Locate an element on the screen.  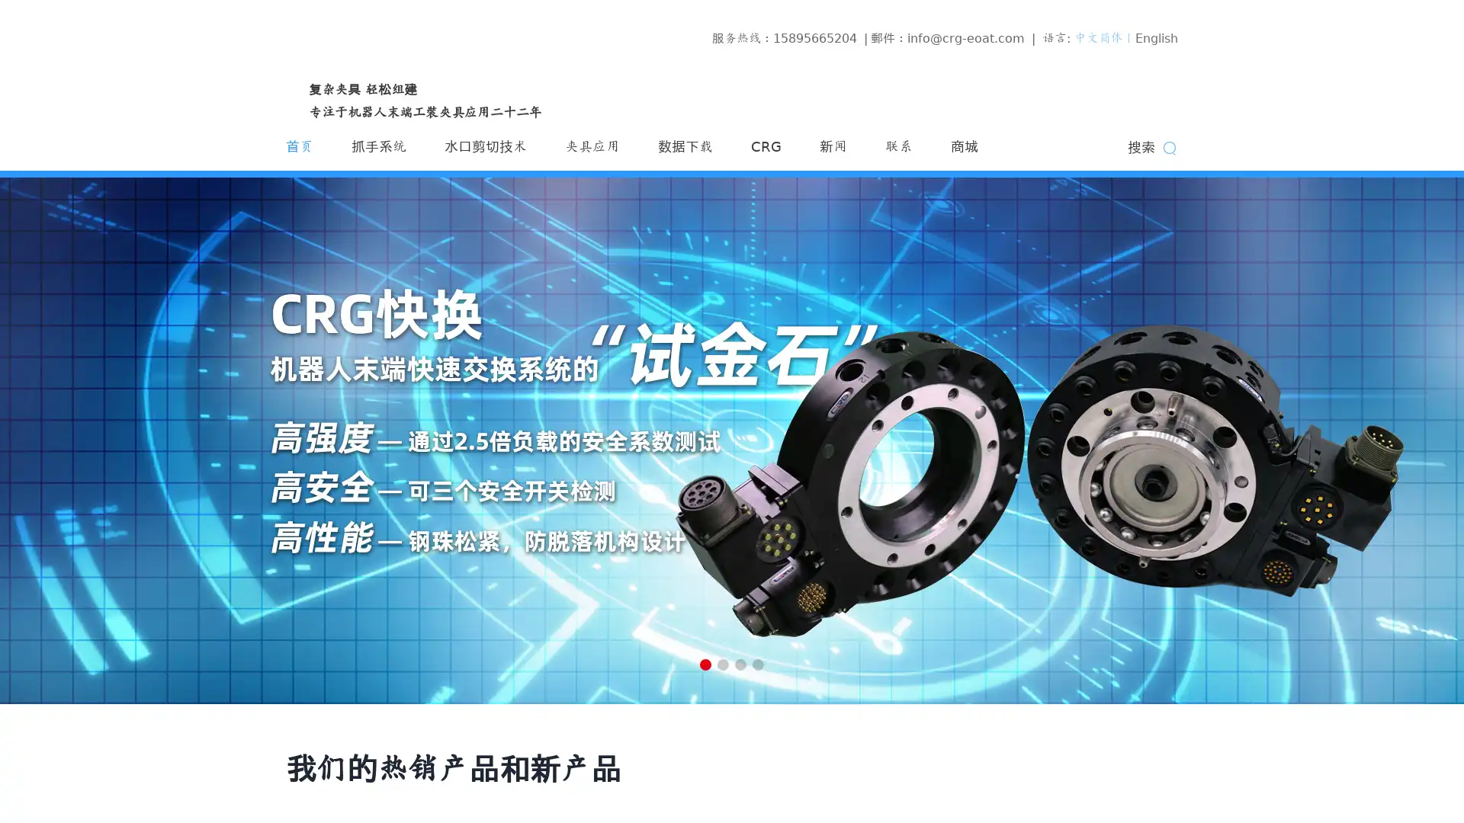
Go to slide 2 is located at coordinates (722, 664).